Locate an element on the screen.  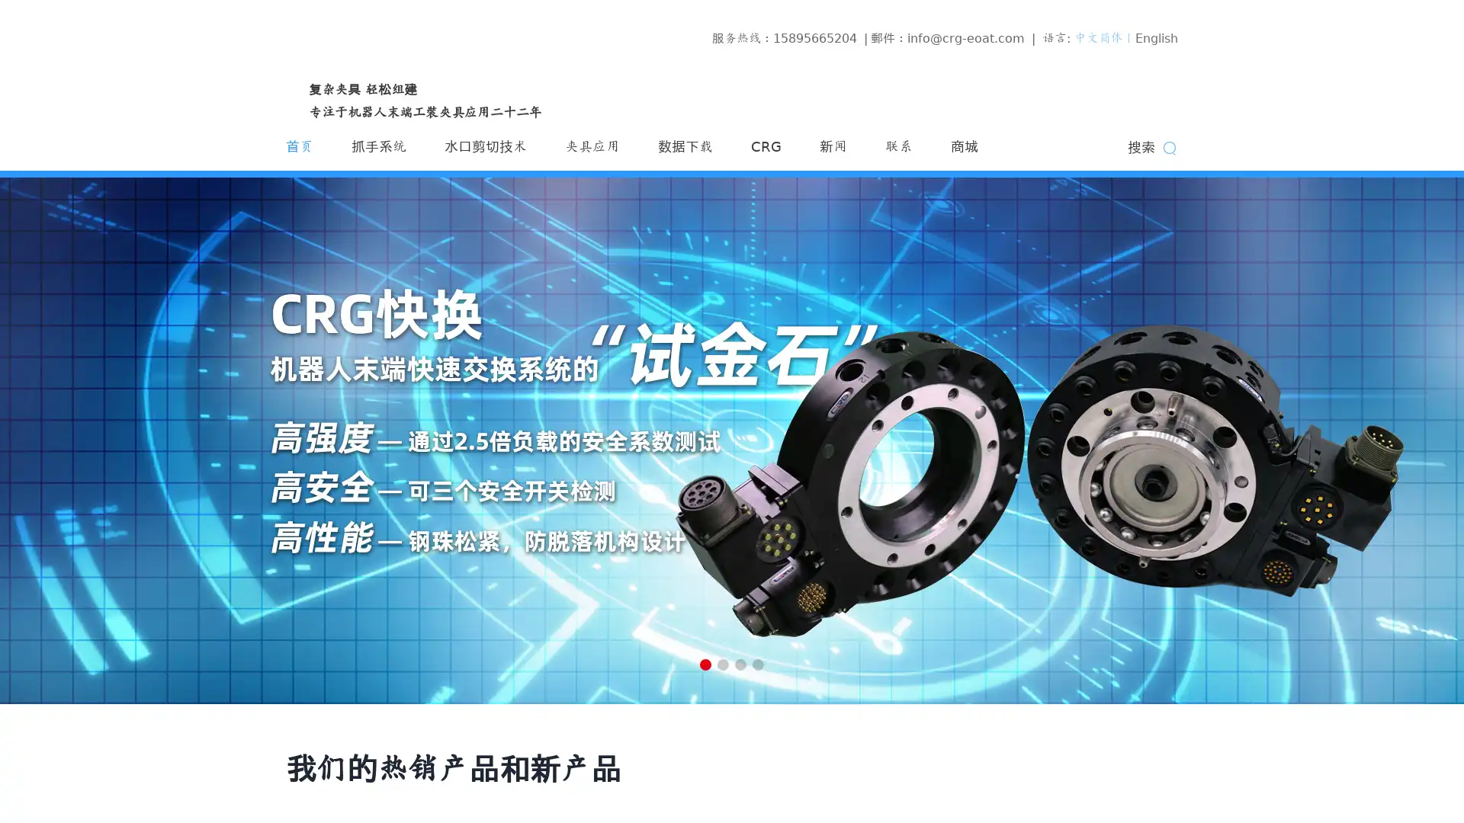
Go to slide 2 is located at coordinates (722, 664).